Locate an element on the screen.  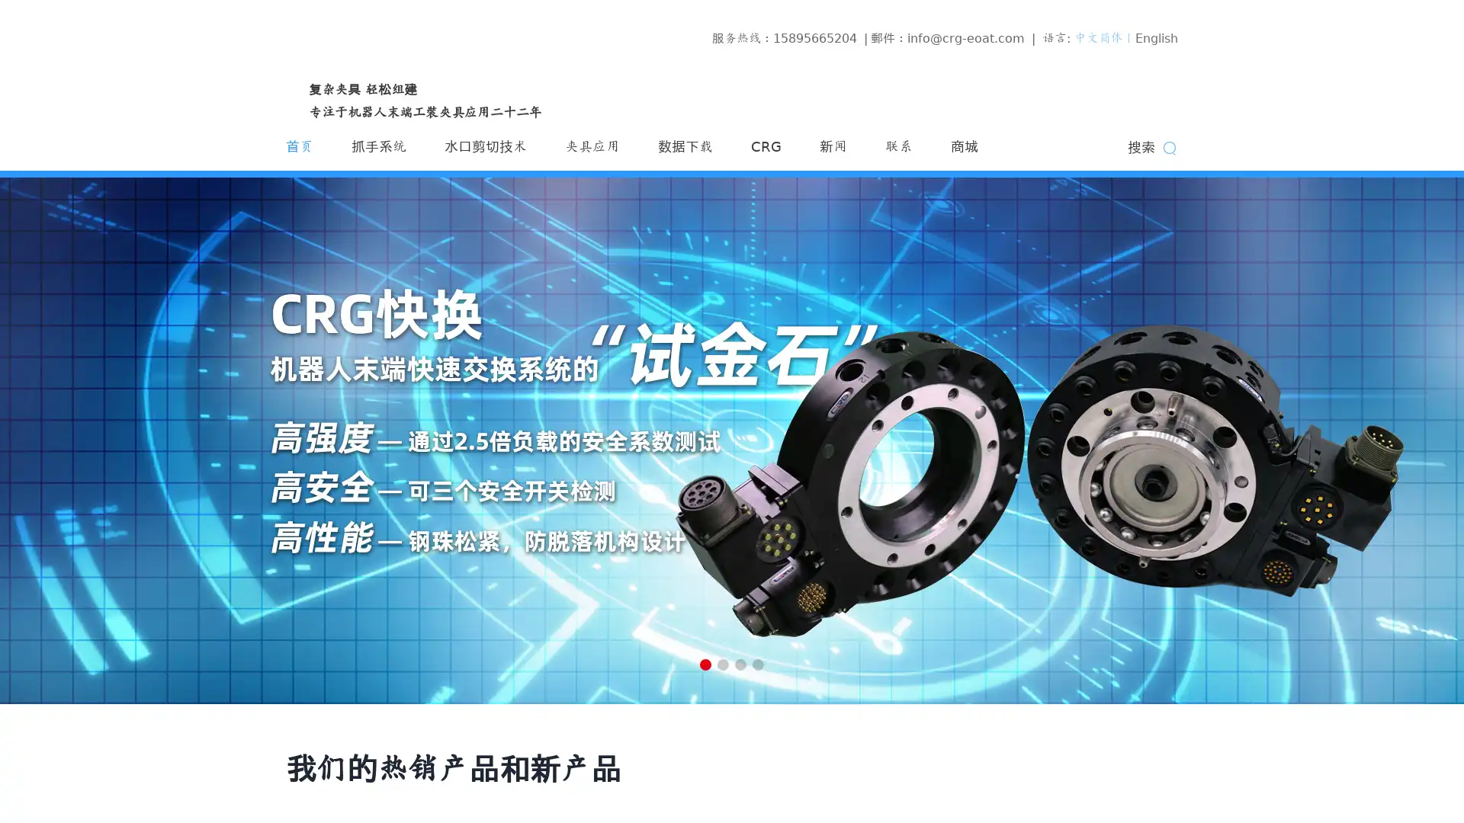
Go to slide 2 is located at coordinates (722, 664).